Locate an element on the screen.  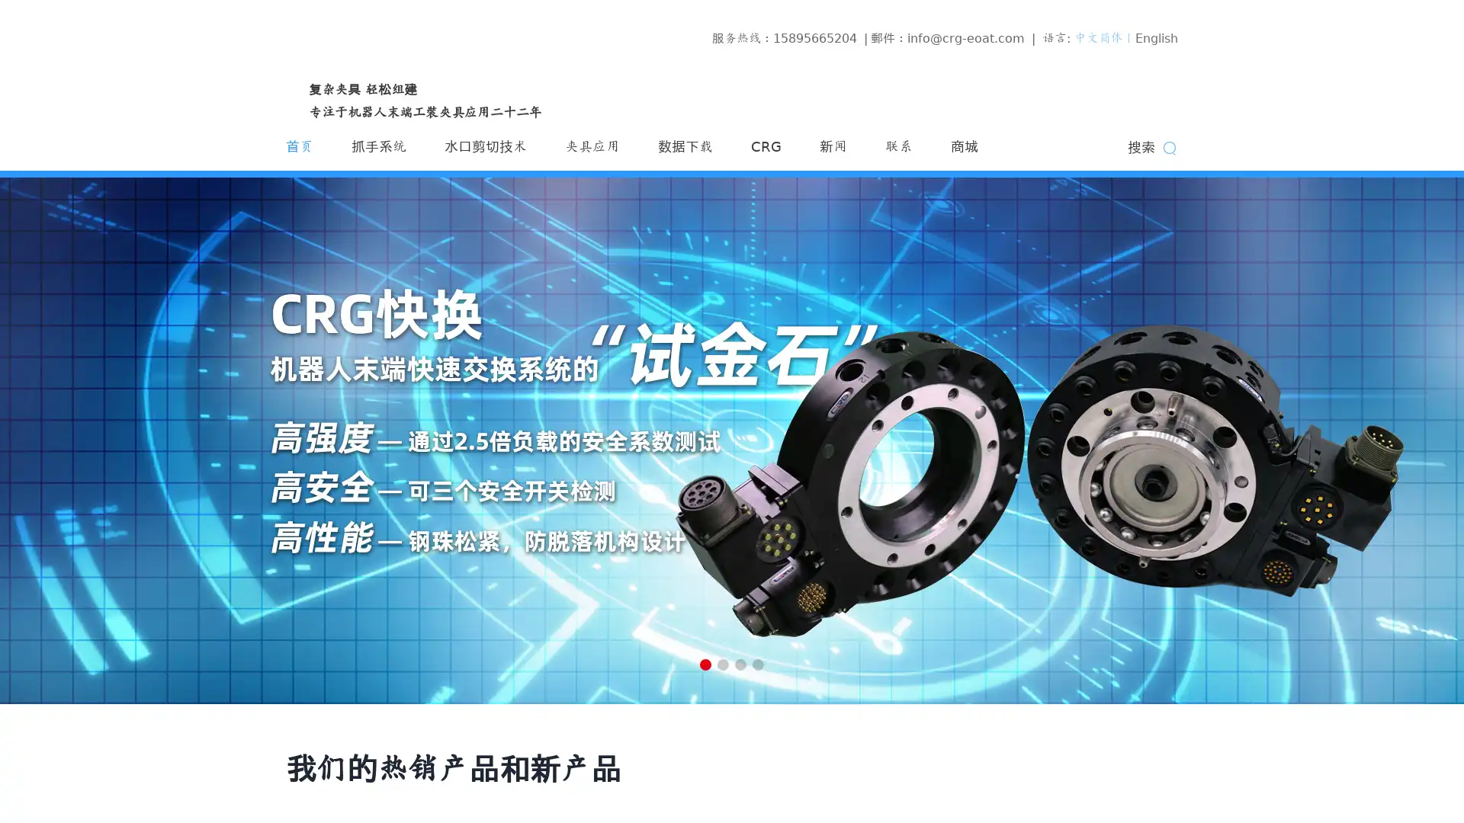
Go to slide 2 is located at coordinates (722, 664).